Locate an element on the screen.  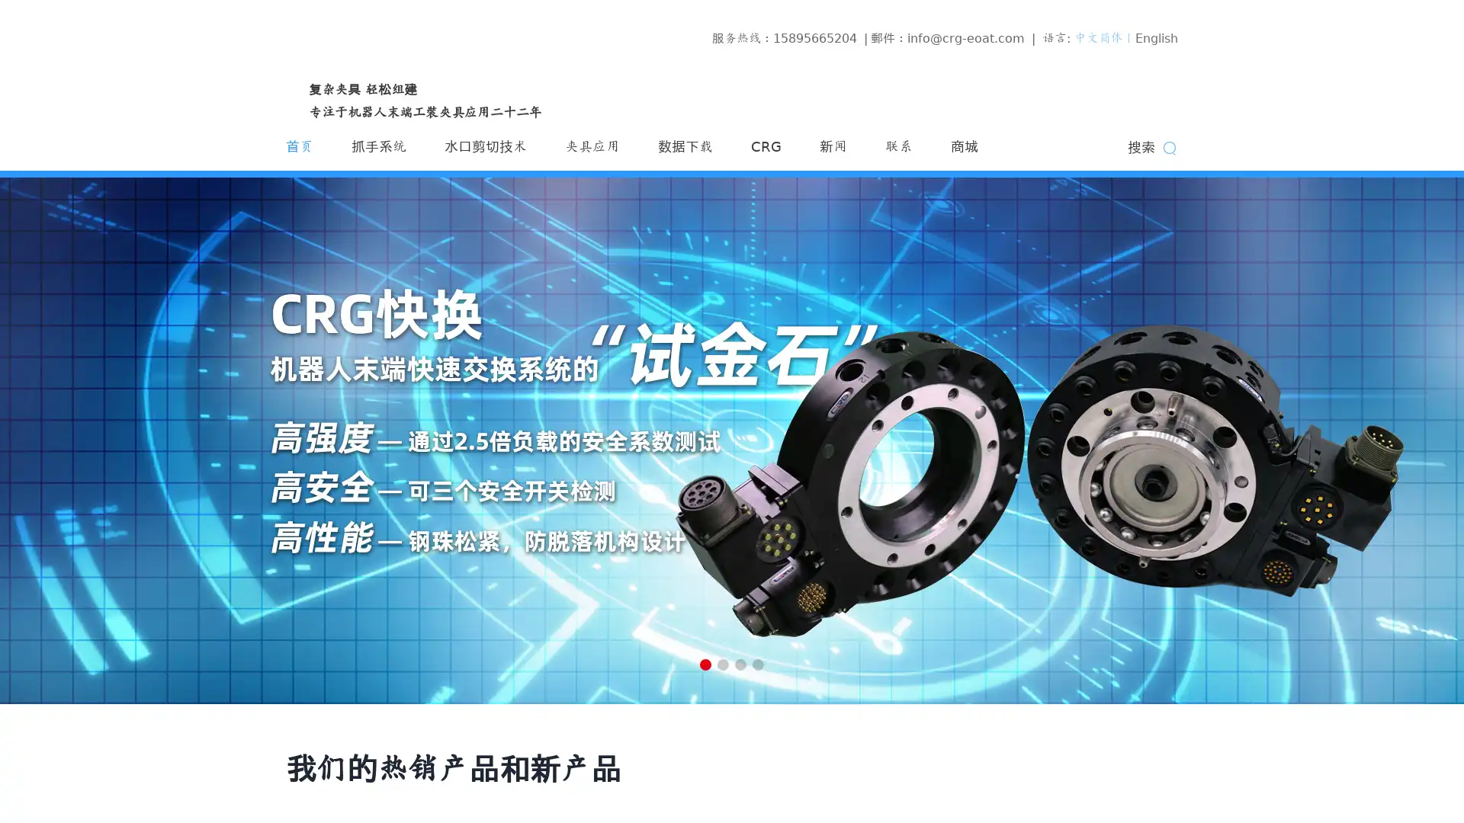
Go to slide 2 is located at coordinates (722, 664).